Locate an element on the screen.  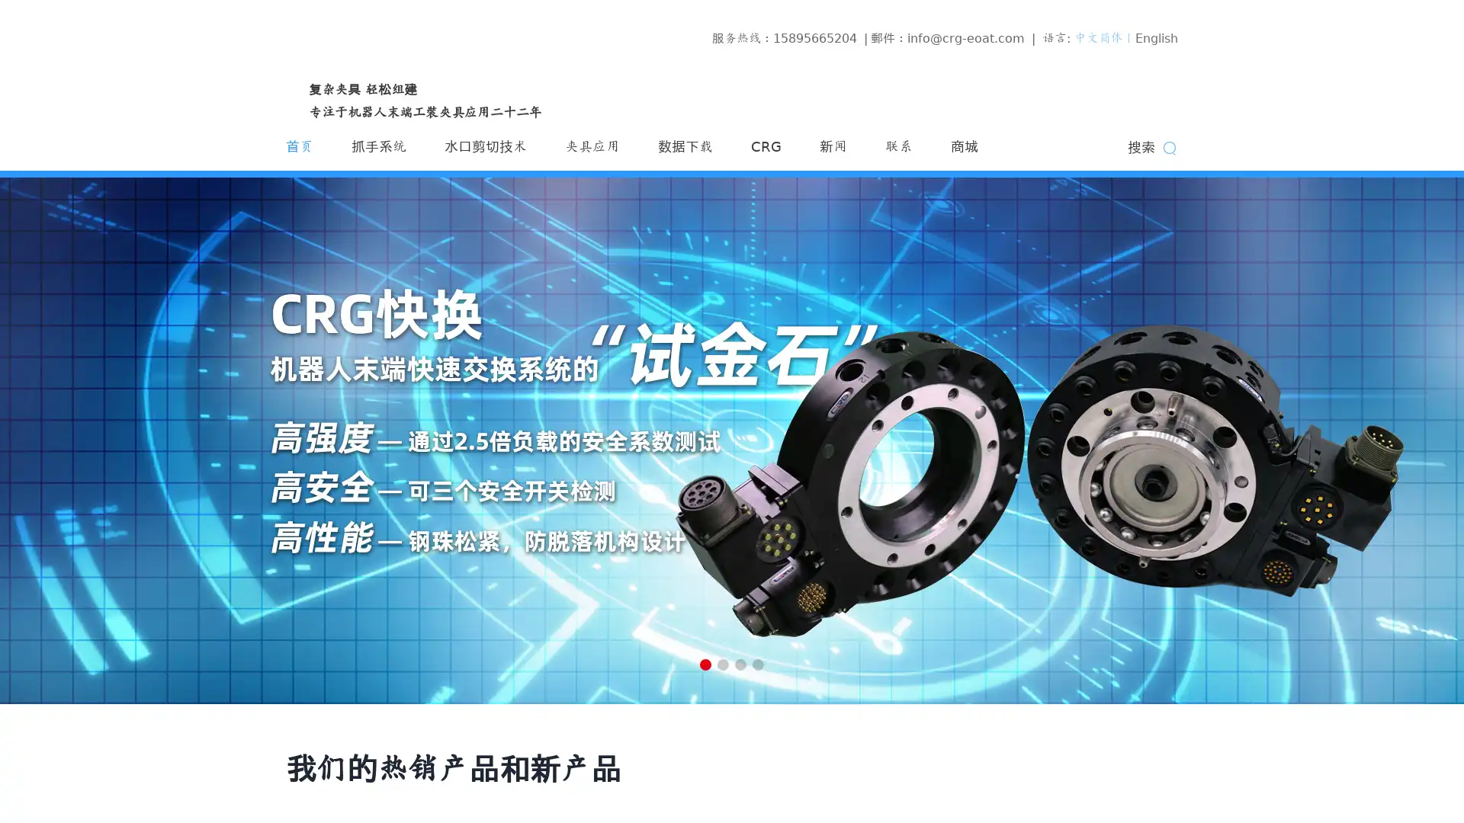
Go to slide 2 is located at coordinates (722, 664).